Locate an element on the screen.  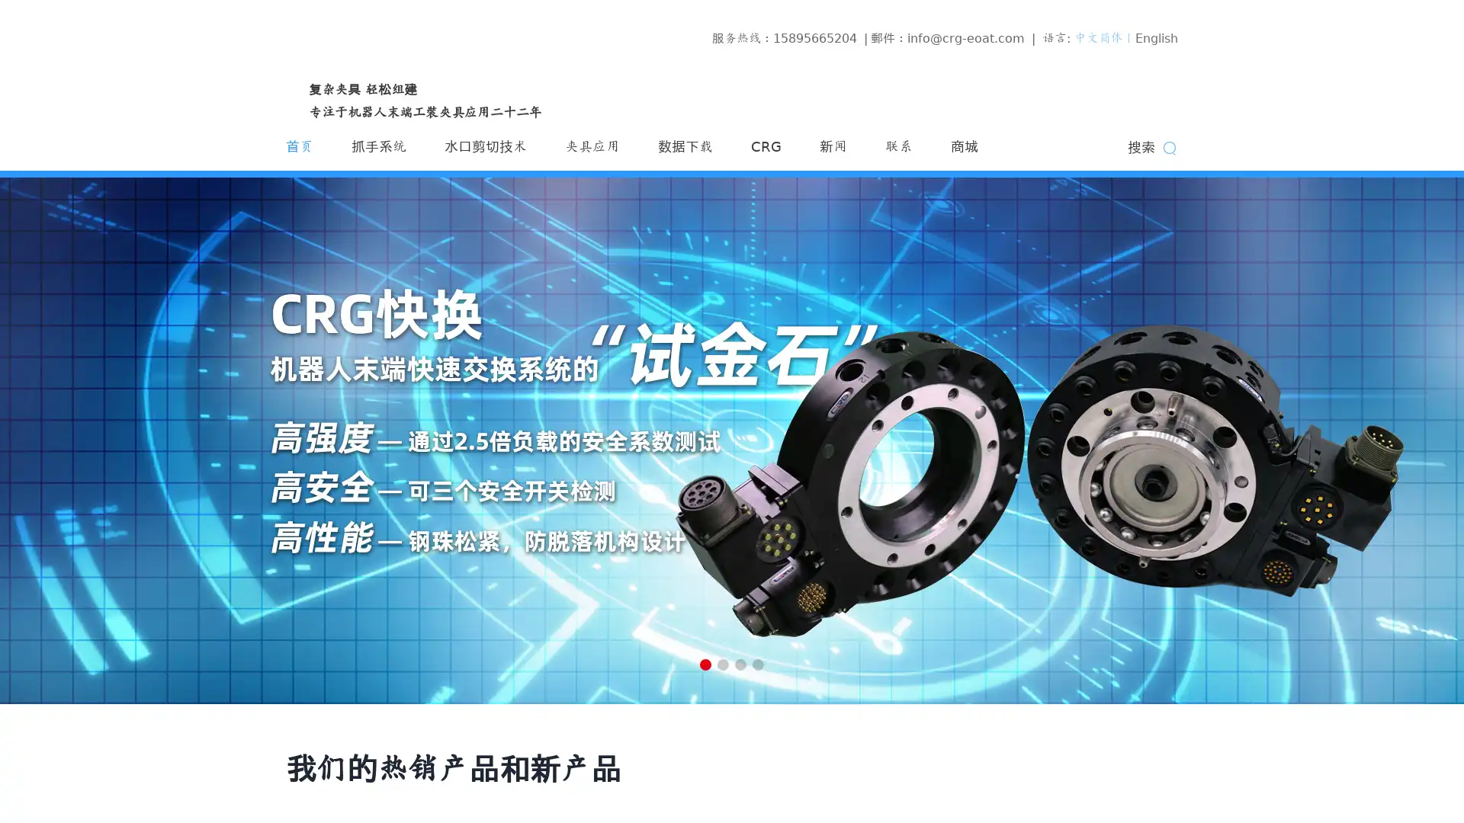
Go to slide 2 is located at coordinates (722, 664).